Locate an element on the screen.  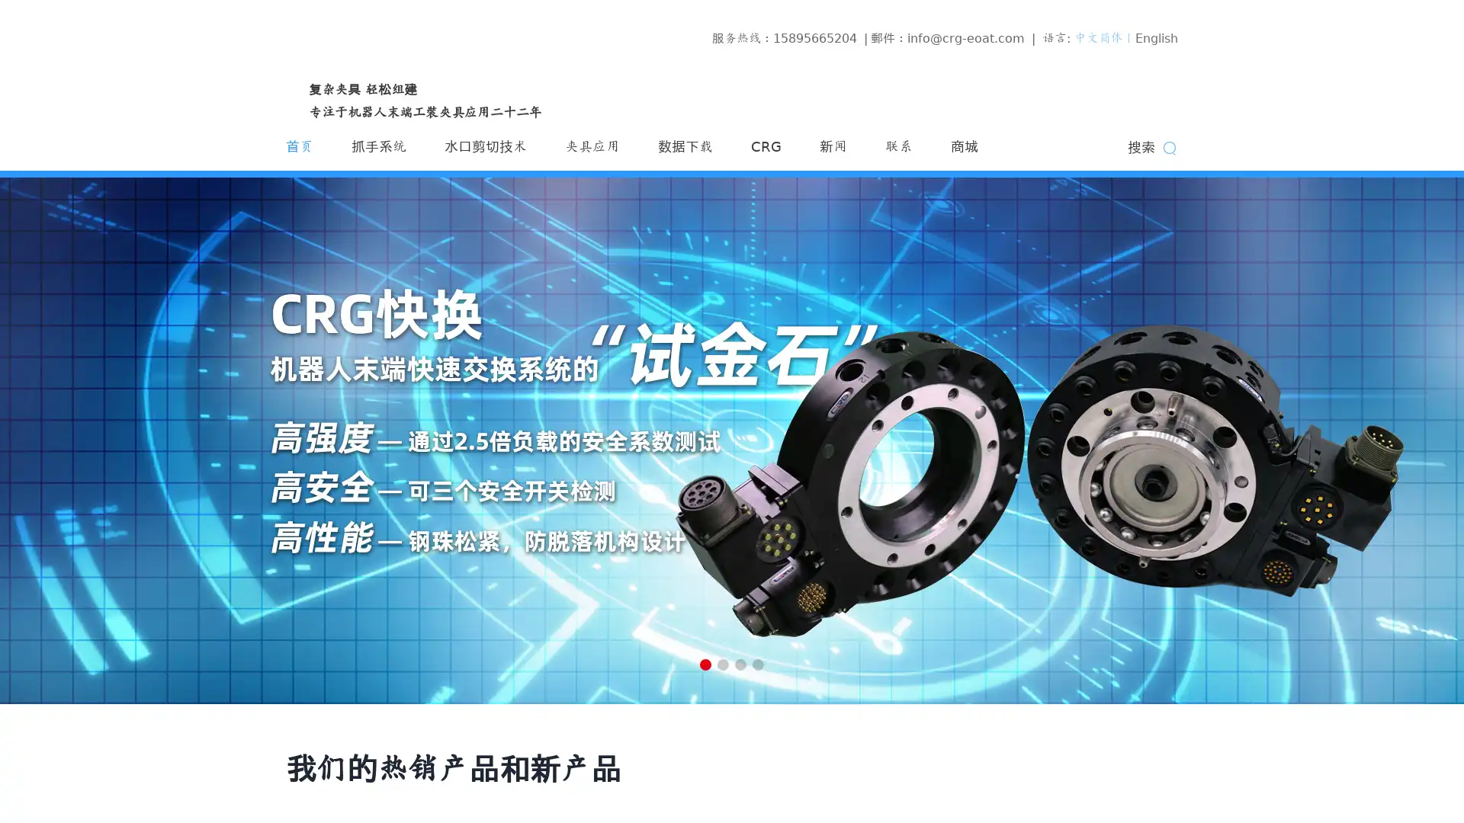
Go to slide 2 is located at coordinates (722, 664).